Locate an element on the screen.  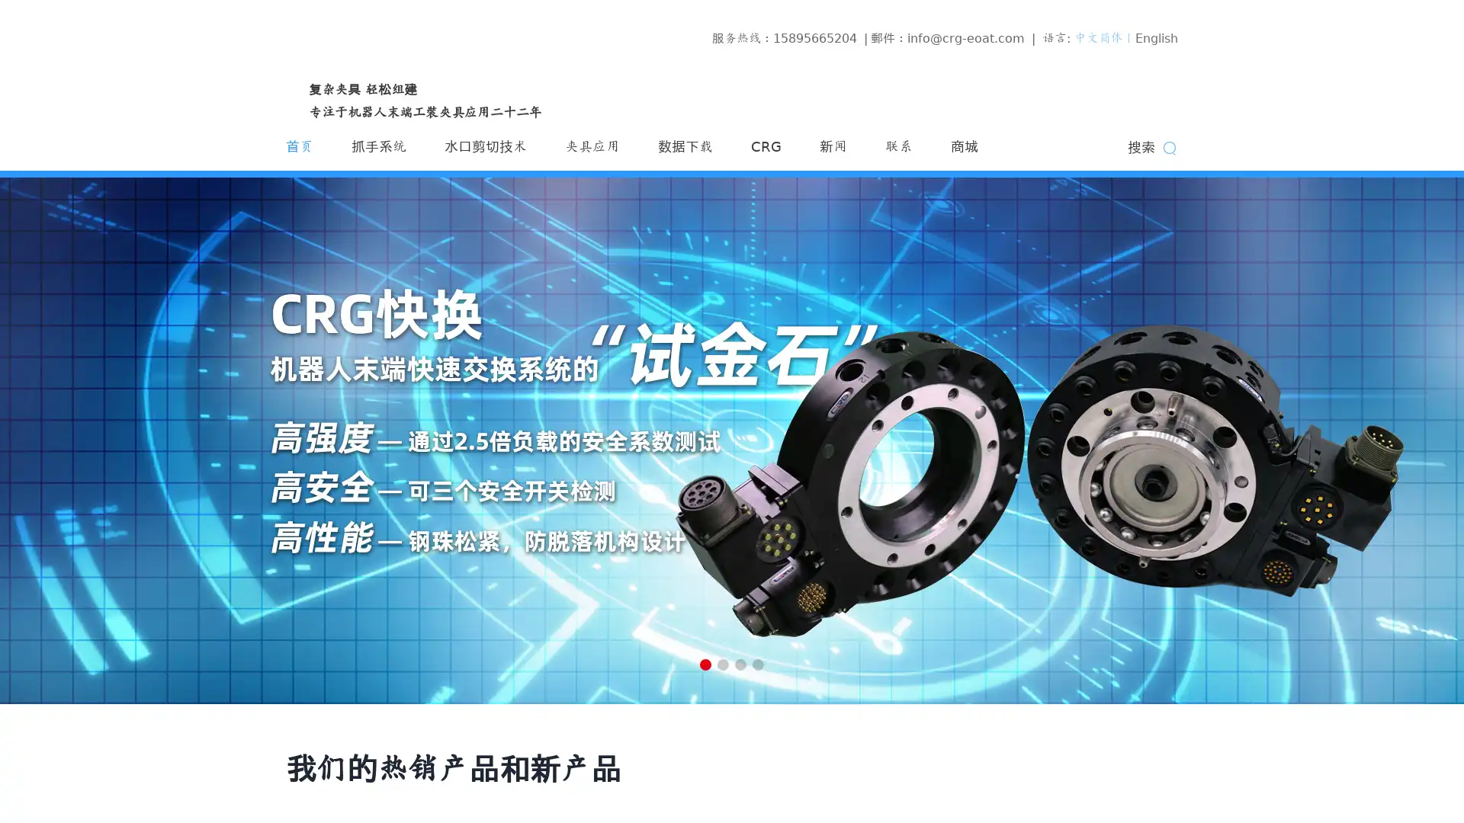
Go to slide 2 is located at coordinates (722, 664).